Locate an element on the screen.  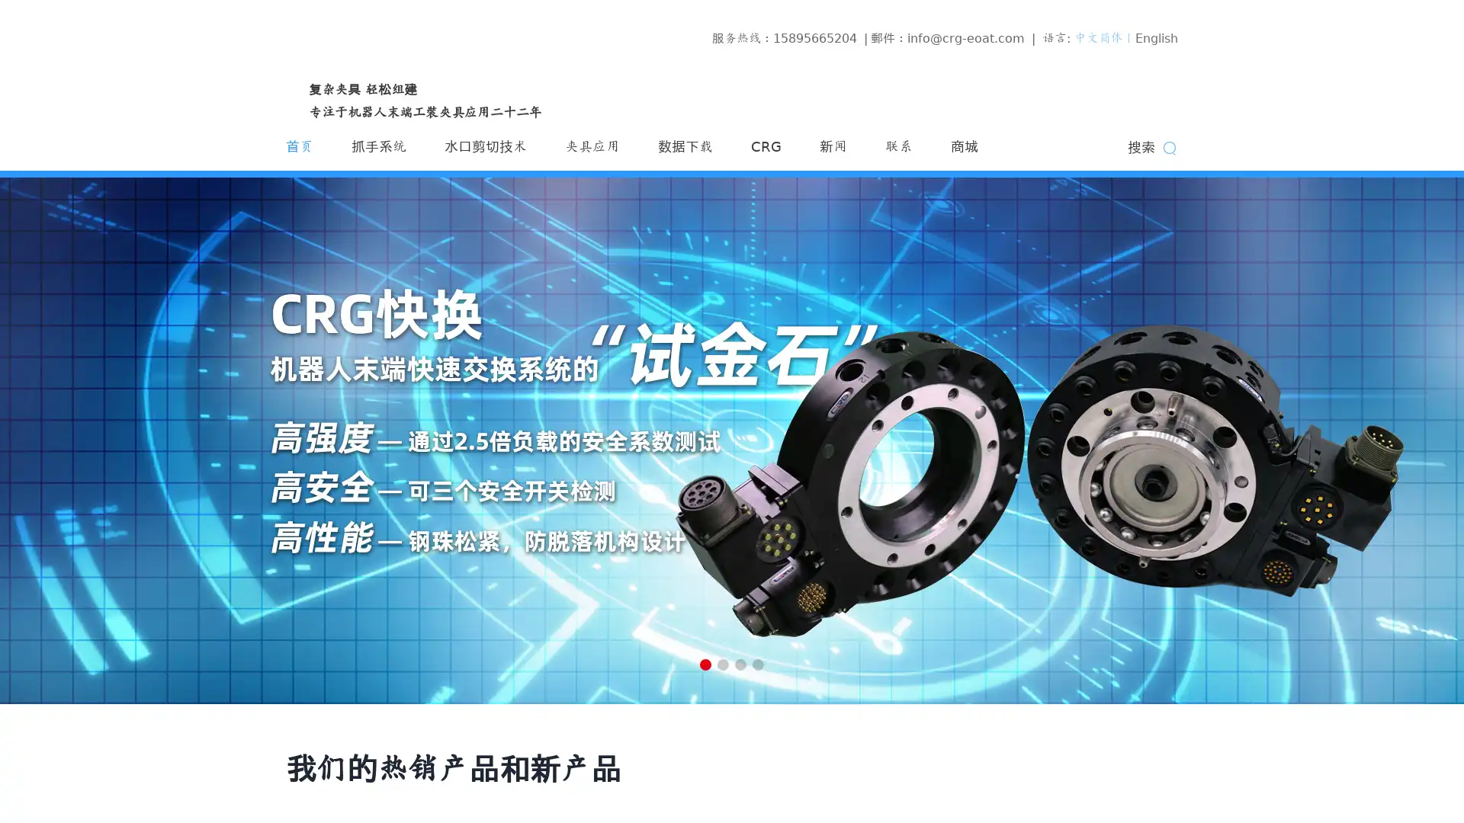
Go to slide 2 is located at coordinates (722, 664).